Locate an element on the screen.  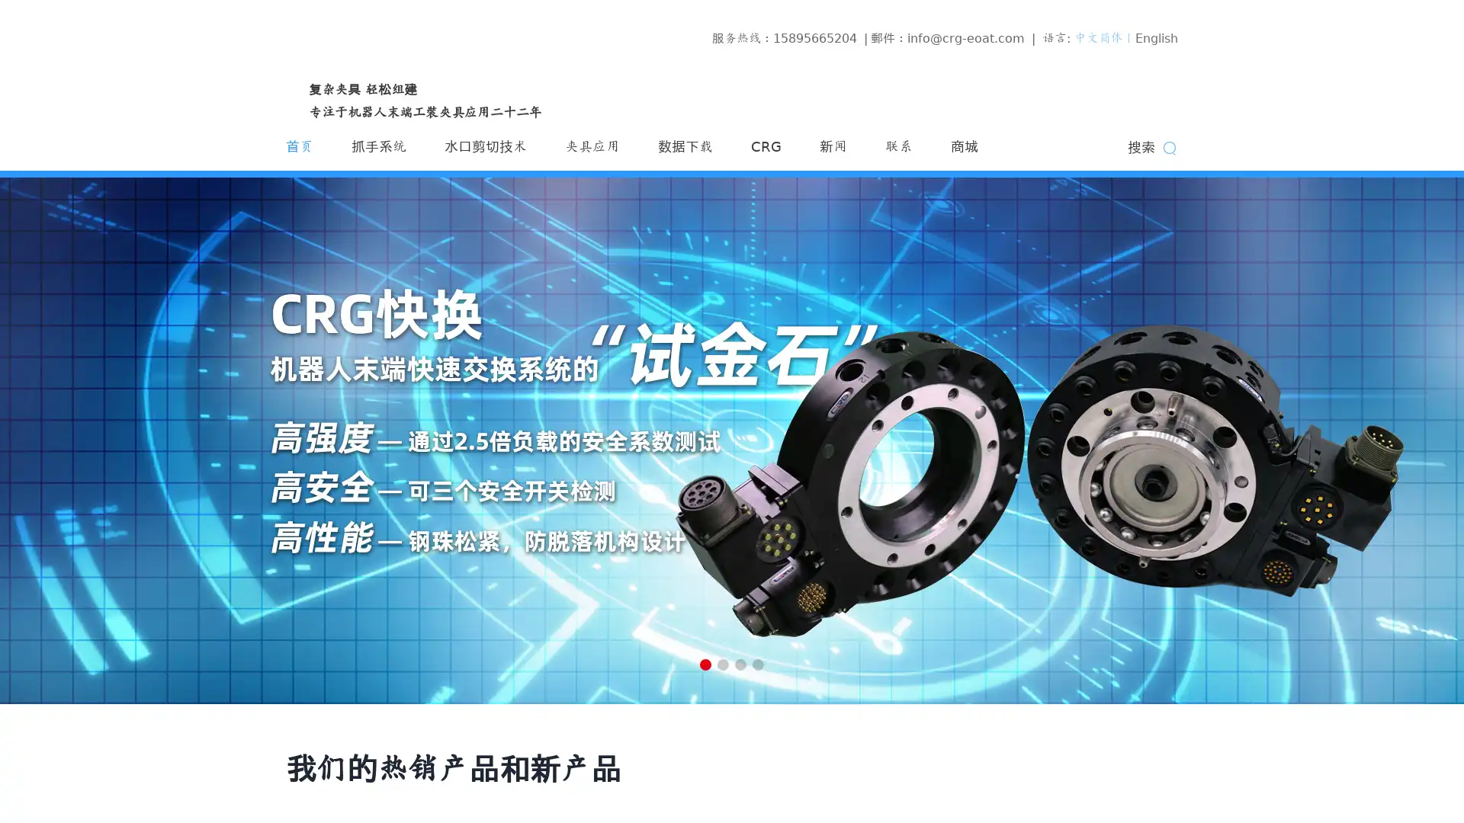
Go to slide 2 is located at coordinates (722, 664).